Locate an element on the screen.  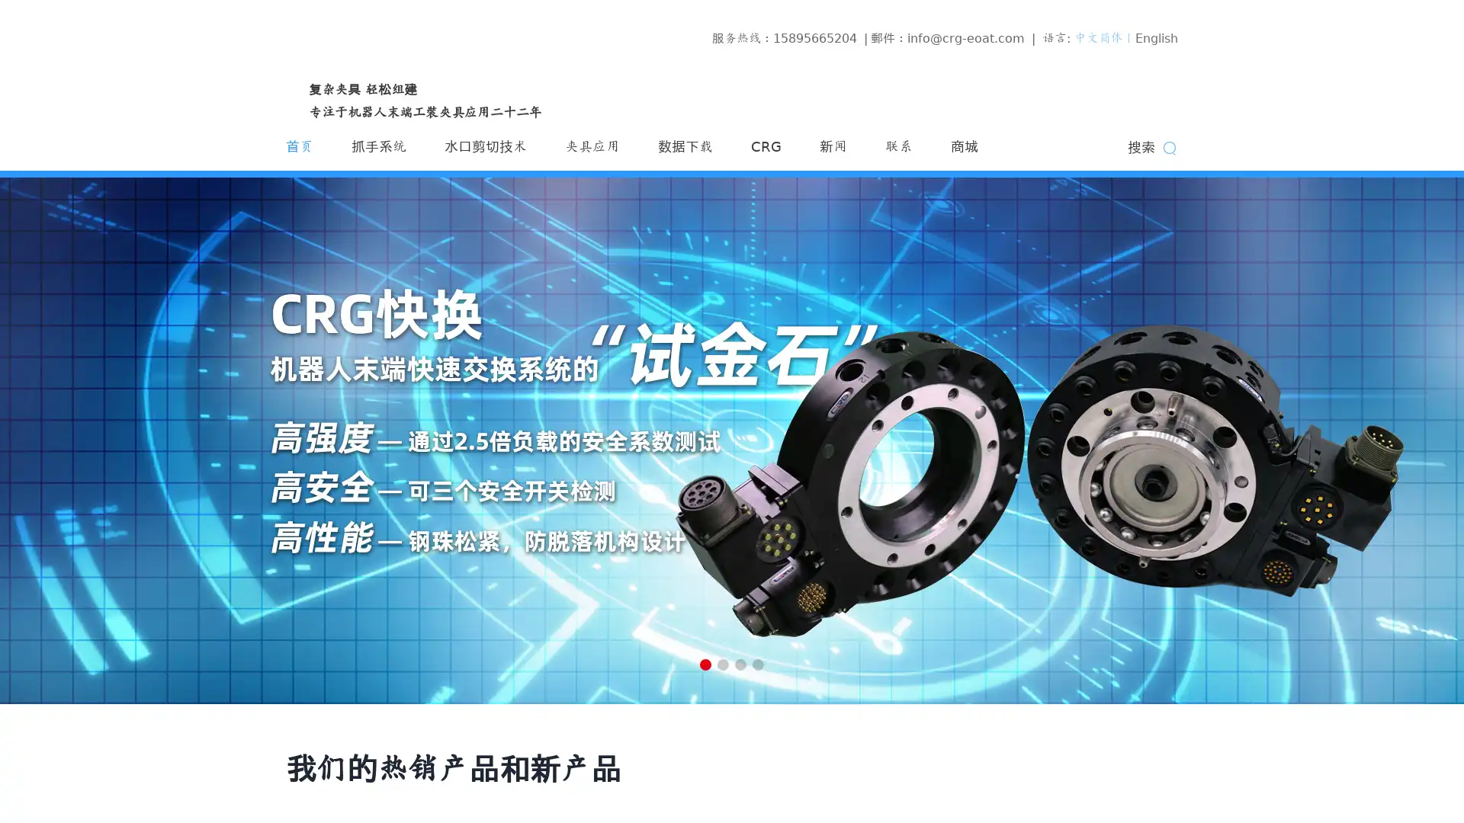
Go to slide 2 is located at coordinates (722, 664).